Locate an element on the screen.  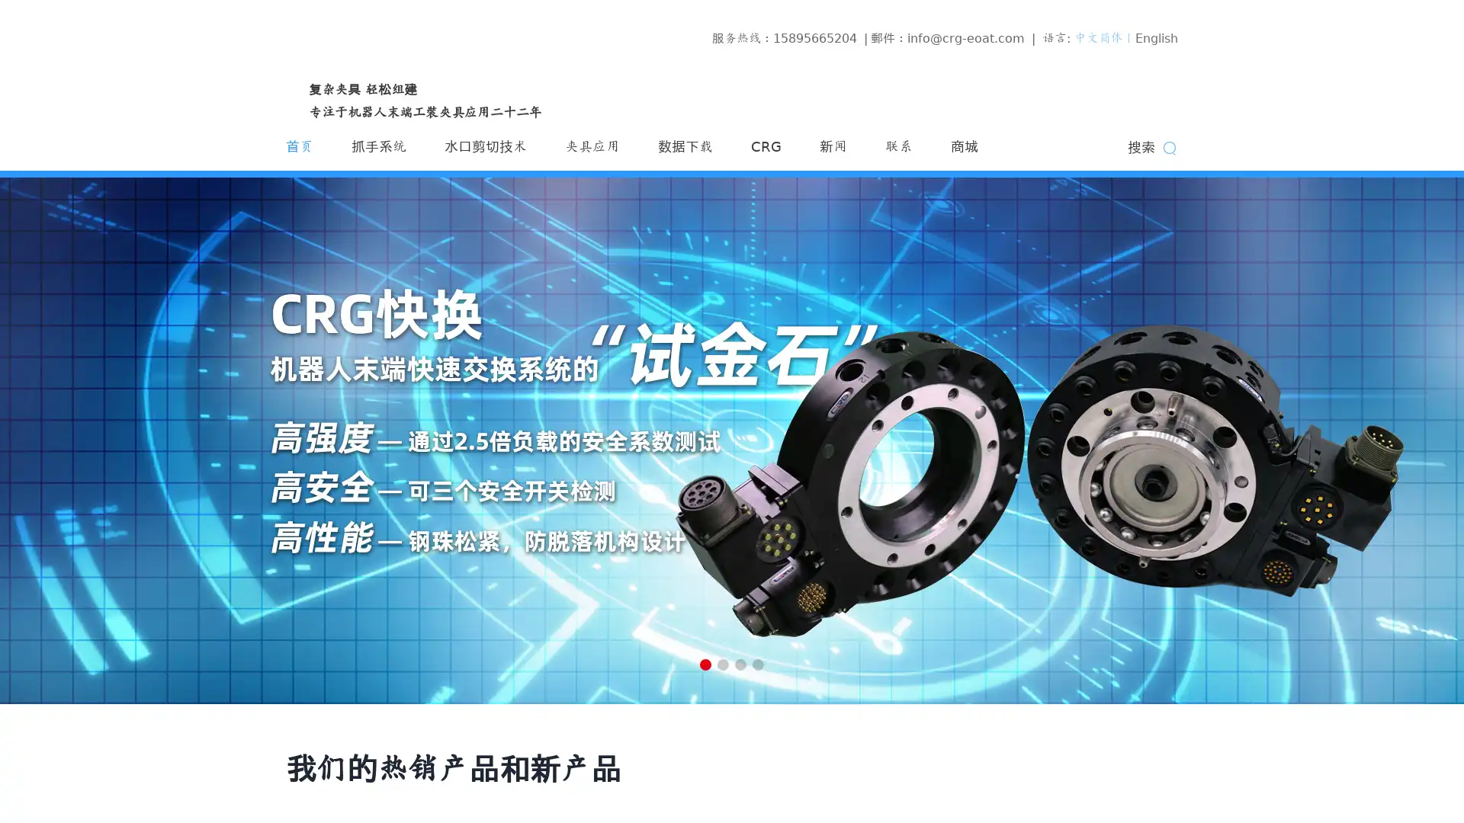
Go to slide 2 is located at coordinates (722, 664).